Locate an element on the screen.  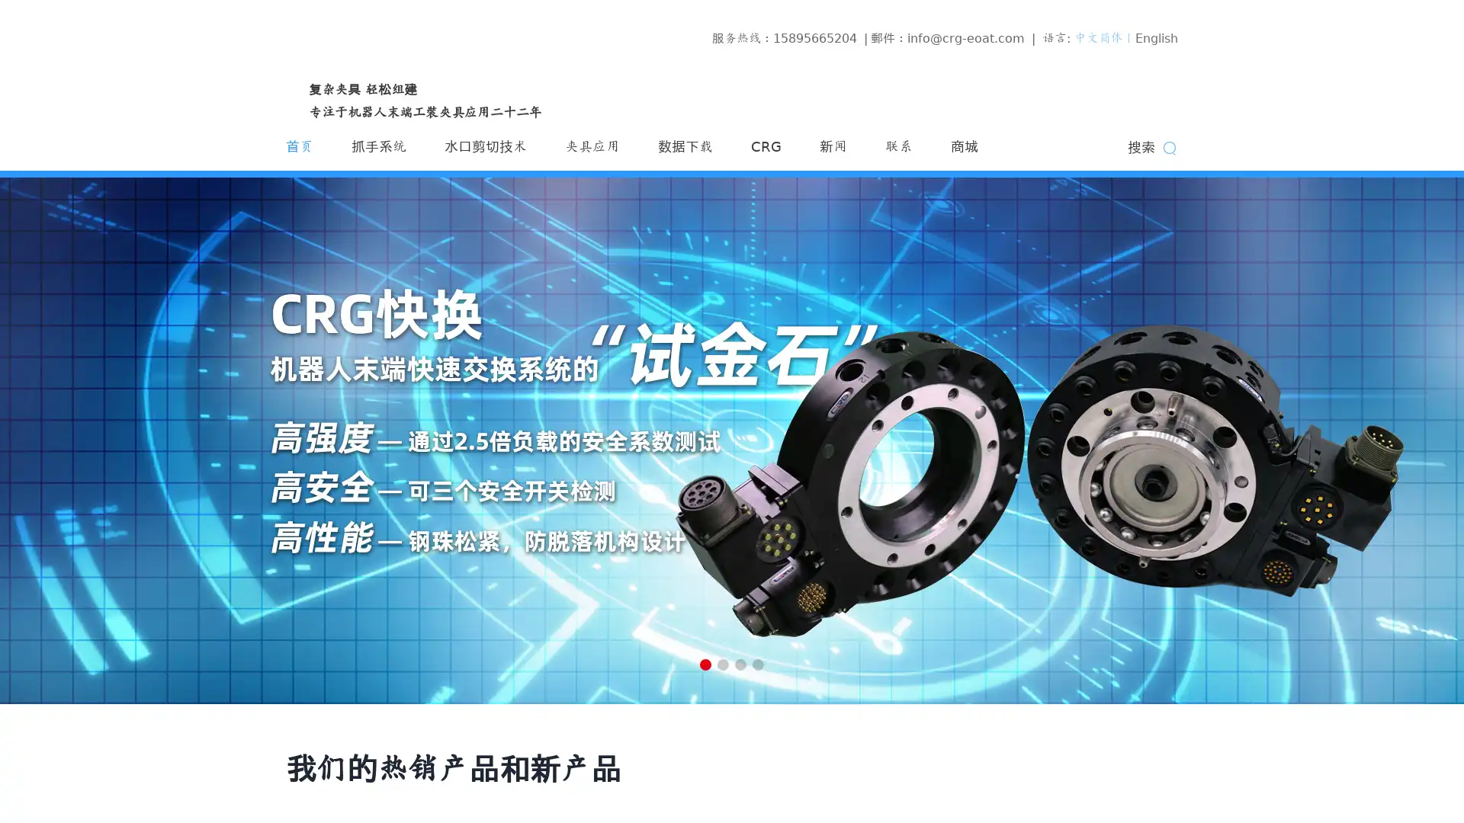
Go to slide 2 is located at coordinates (722, 664).